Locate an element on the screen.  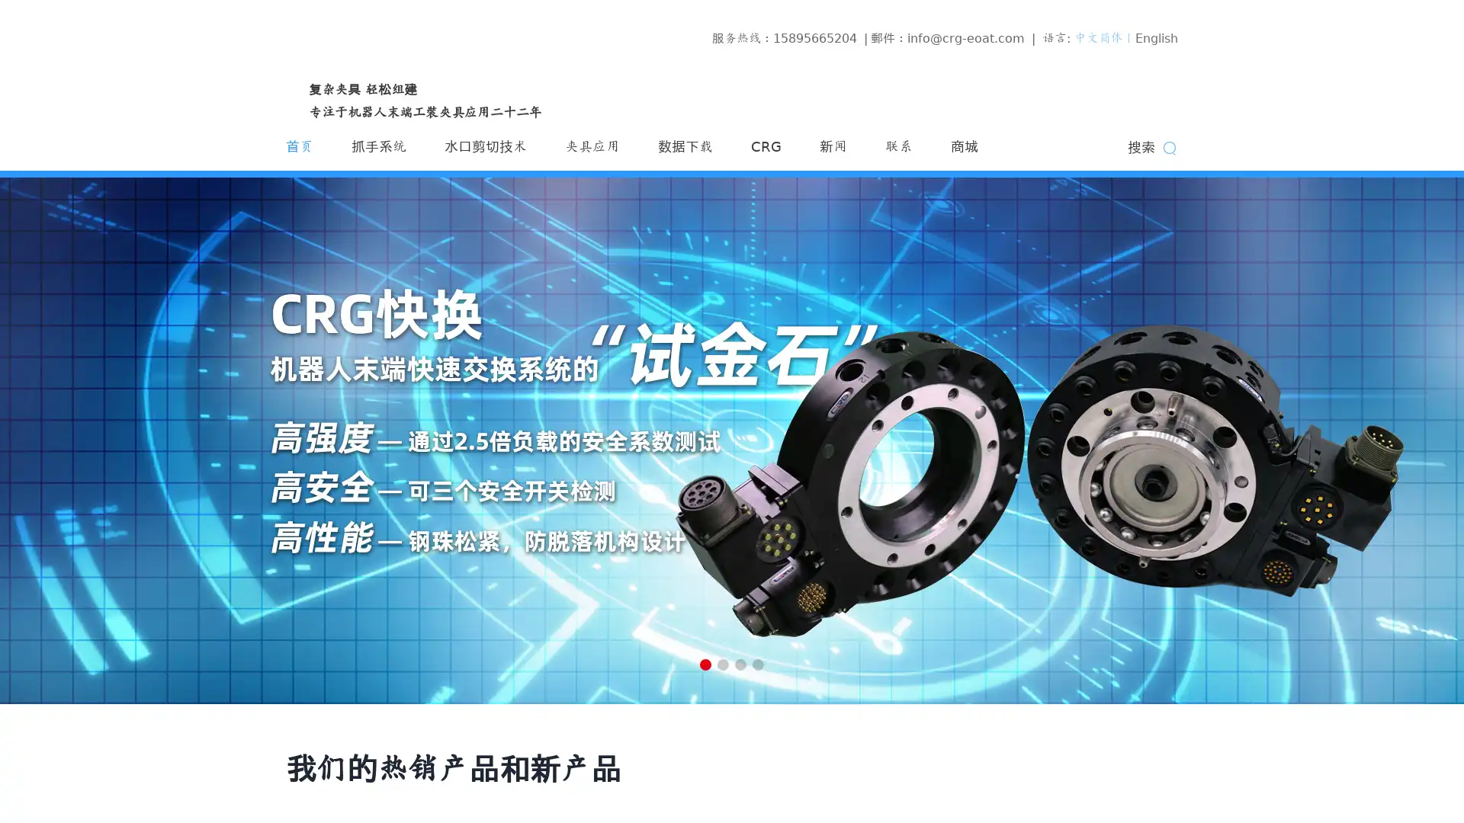
Go to slide 2 is located at coordinates (722, 664).